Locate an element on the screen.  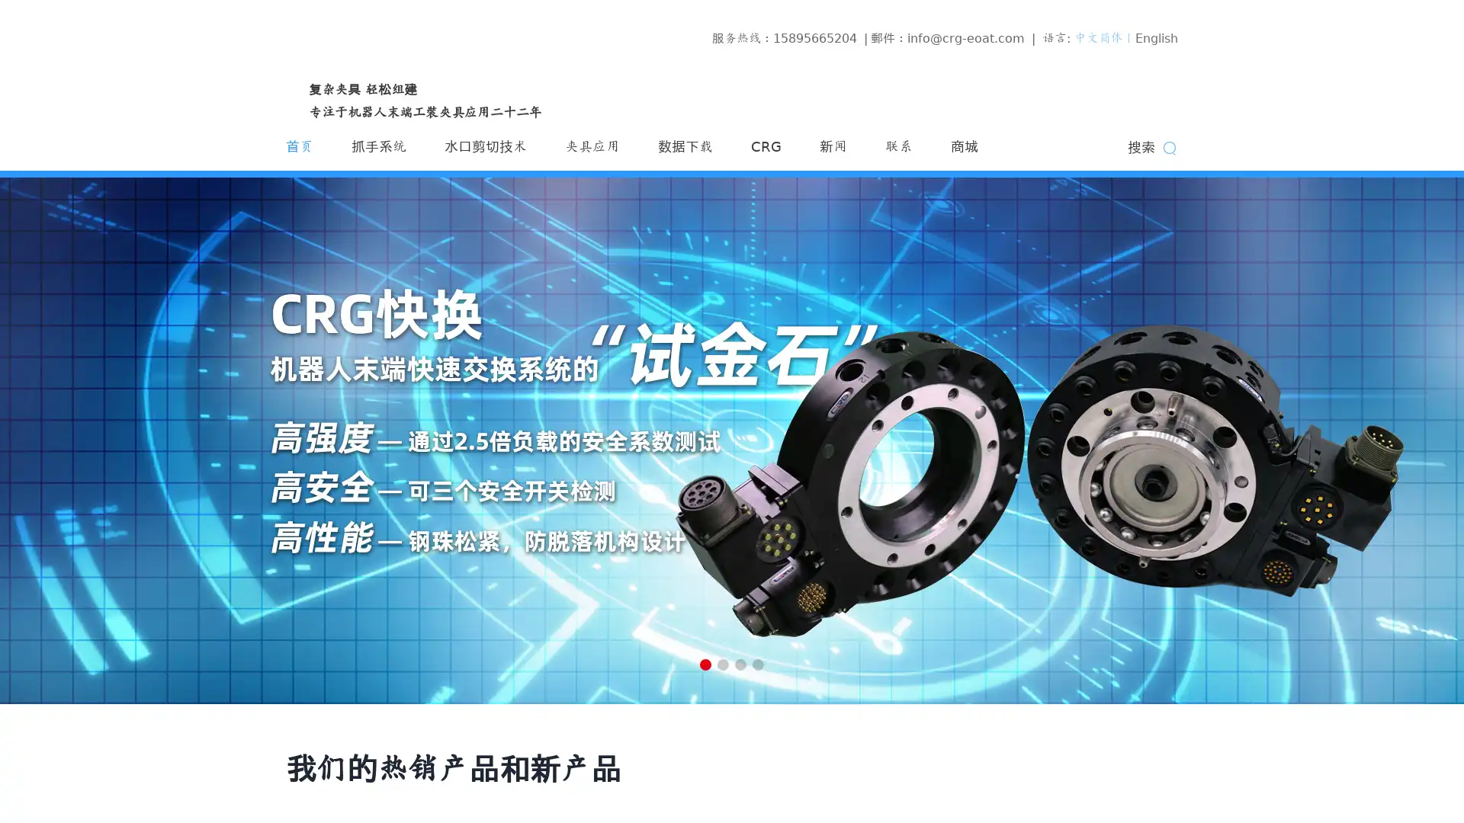
Go to slide 2 is located at coordinates (722, 664).